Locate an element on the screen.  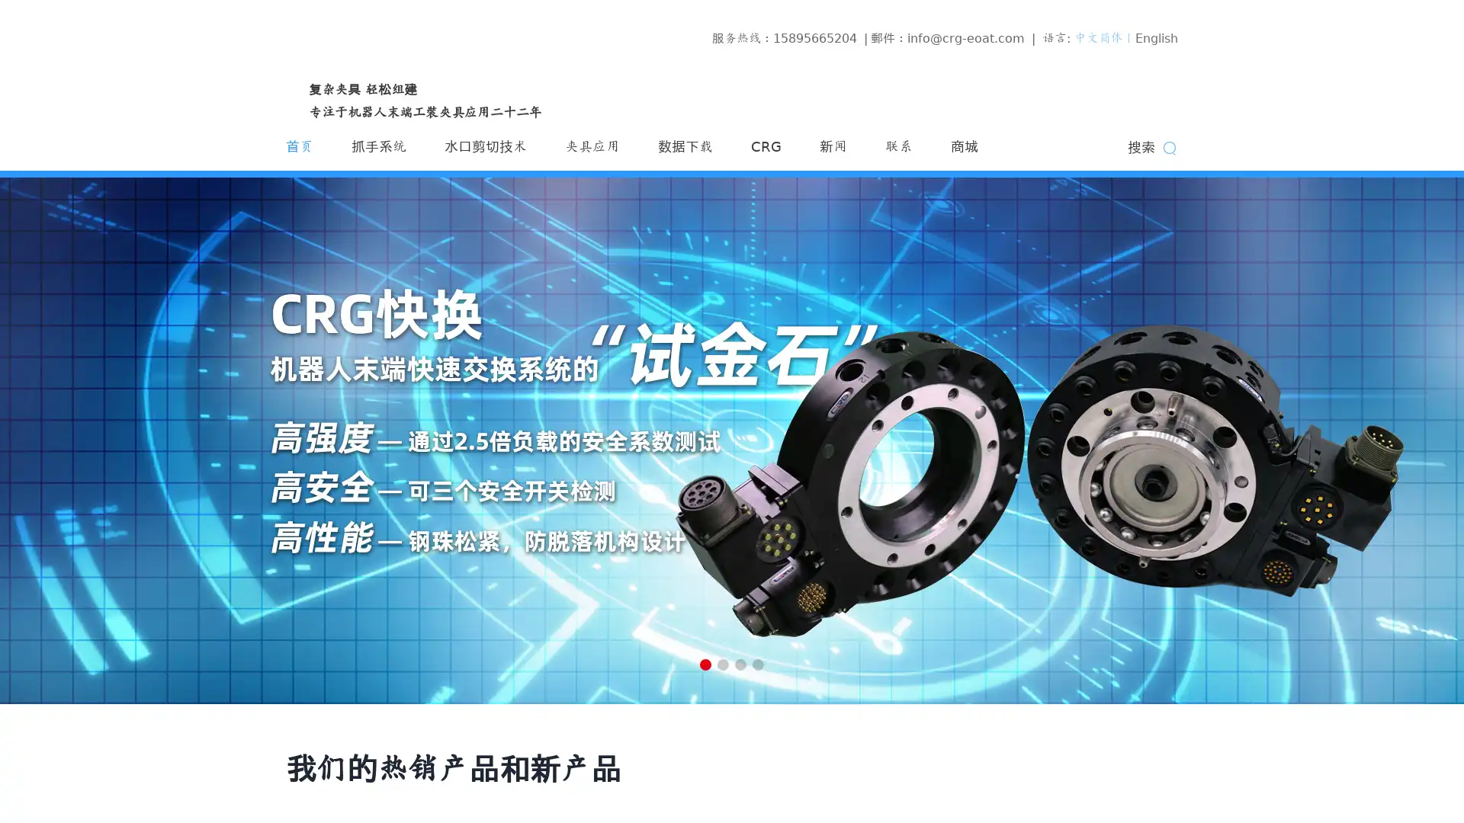
Go to slide 2 is located at coordinates (722, 664).